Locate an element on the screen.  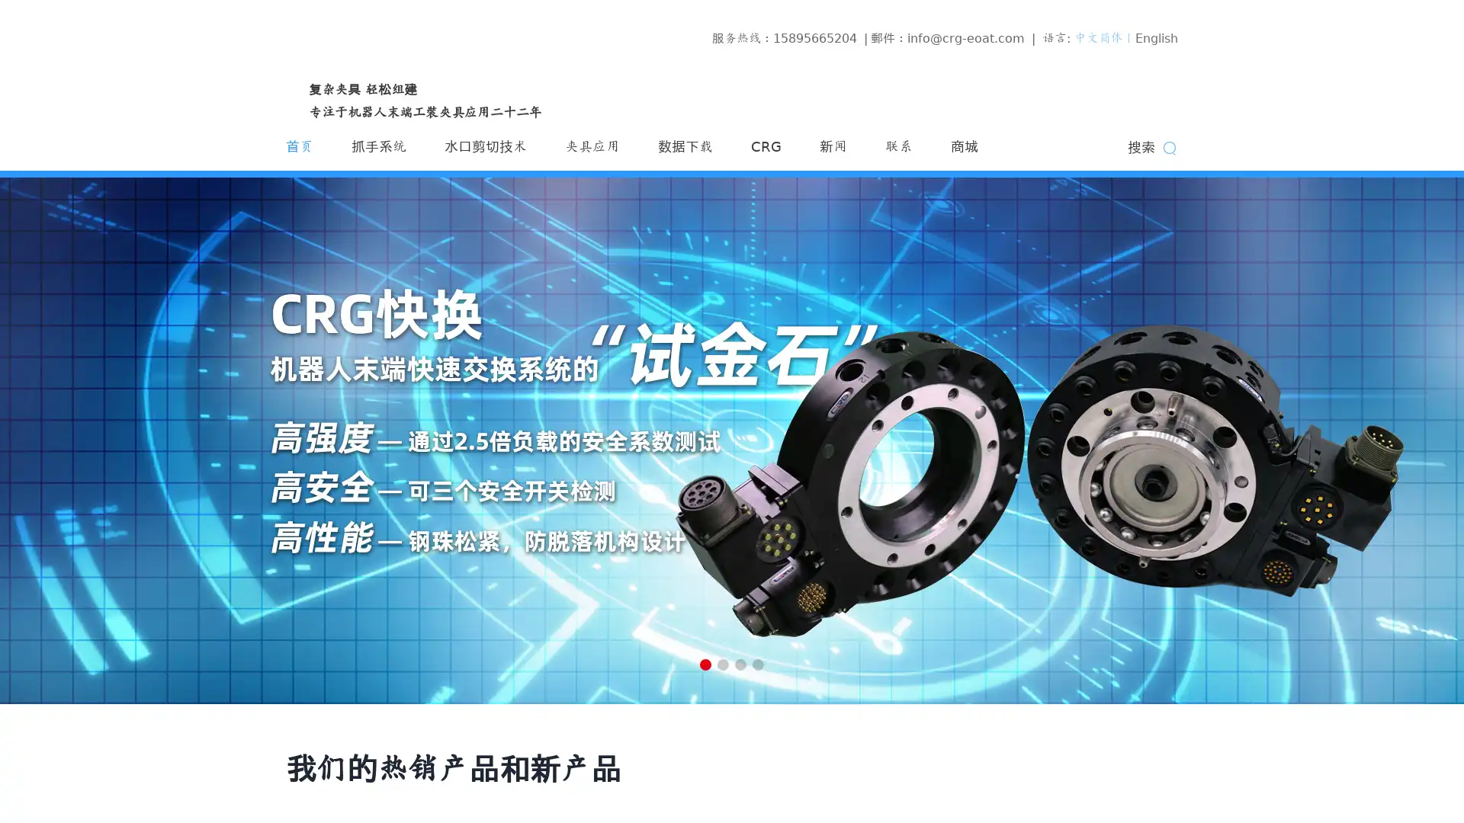
Go to slide 2 is located at coordinates (722, 664).